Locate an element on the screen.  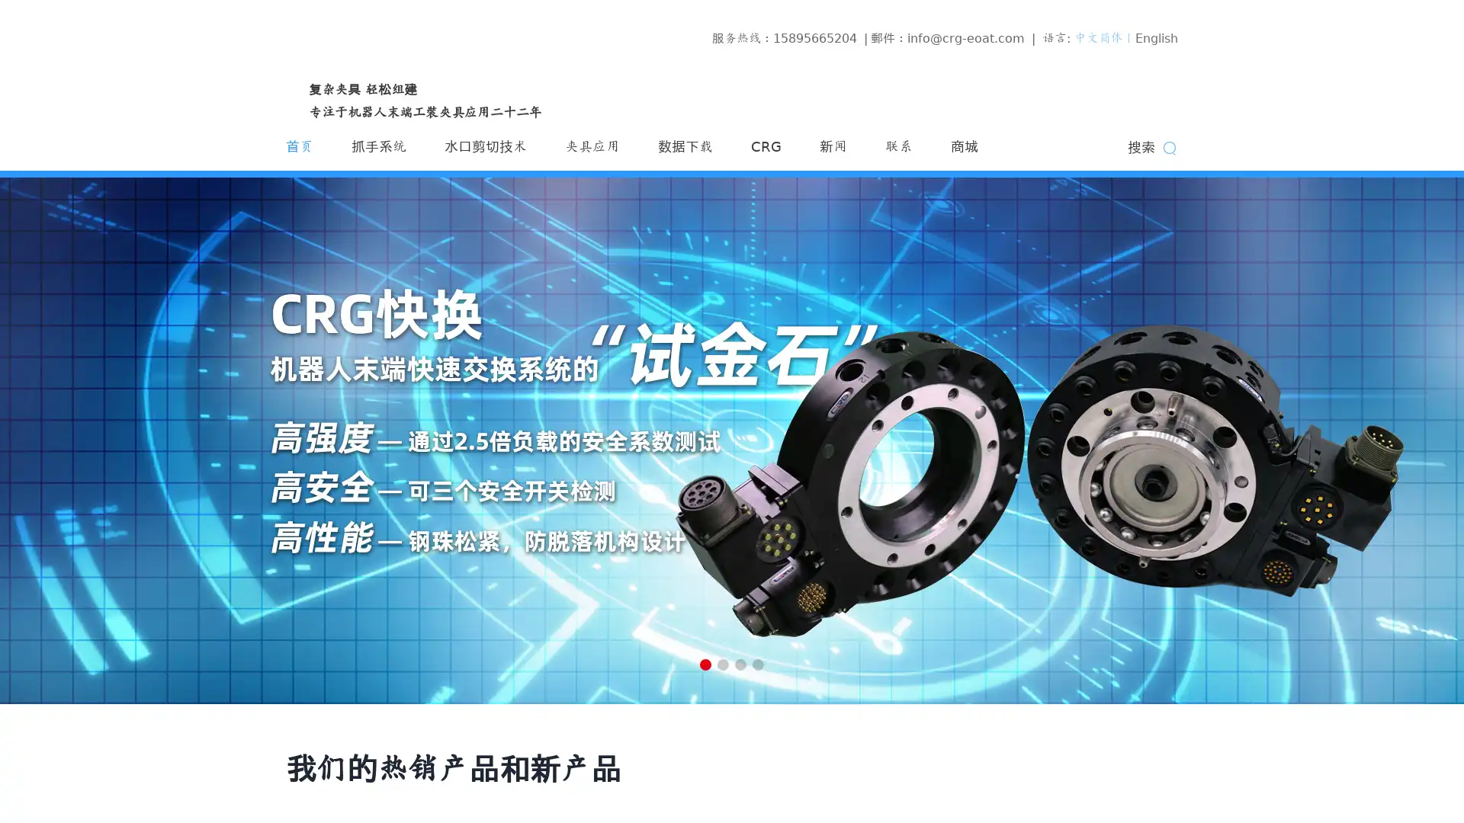
Go to slide 2 is located at coordinates (722, 664).